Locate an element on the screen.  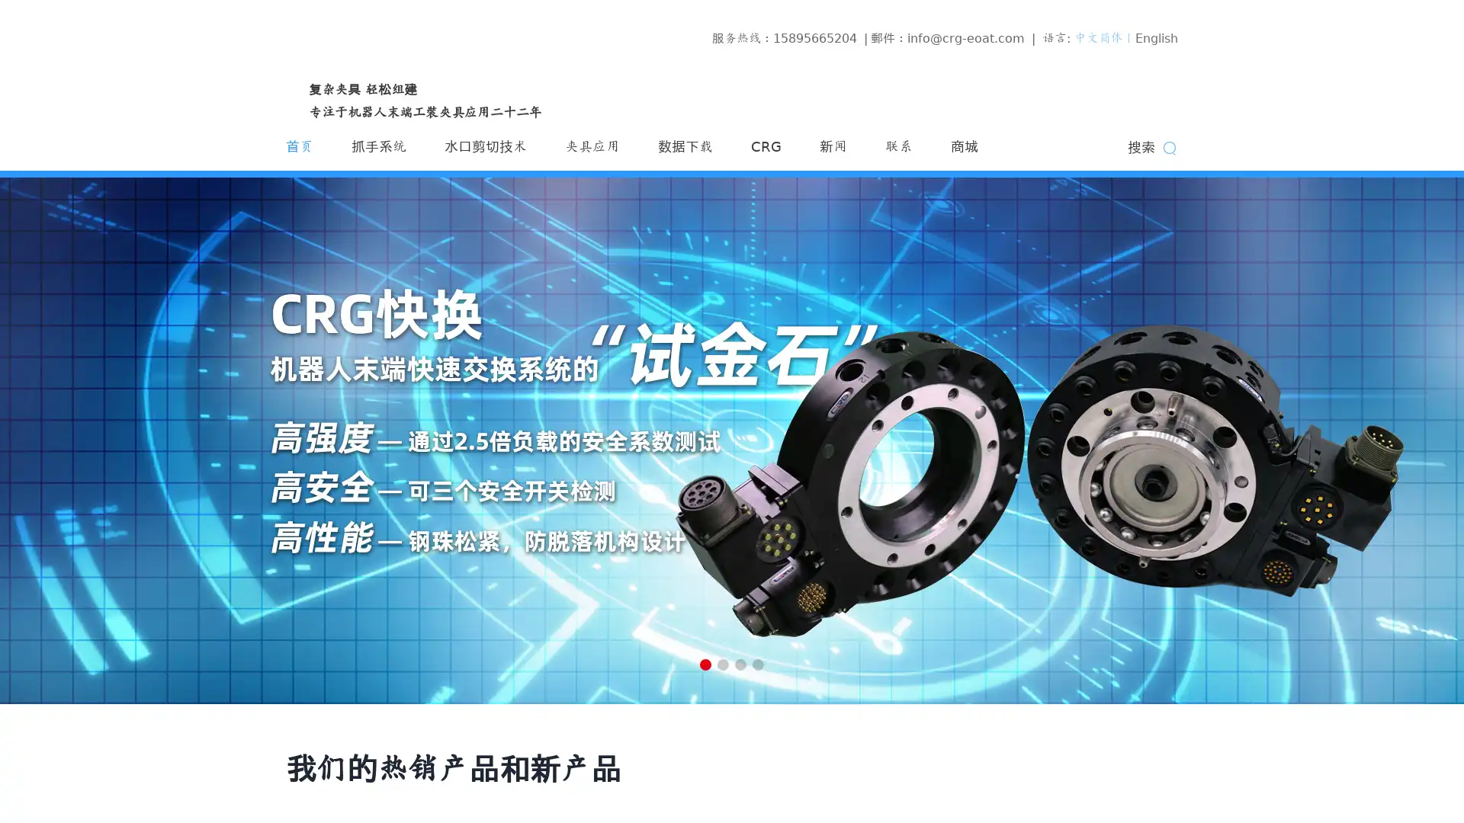
Go to slide 2 is located at coordinates (722, 664).